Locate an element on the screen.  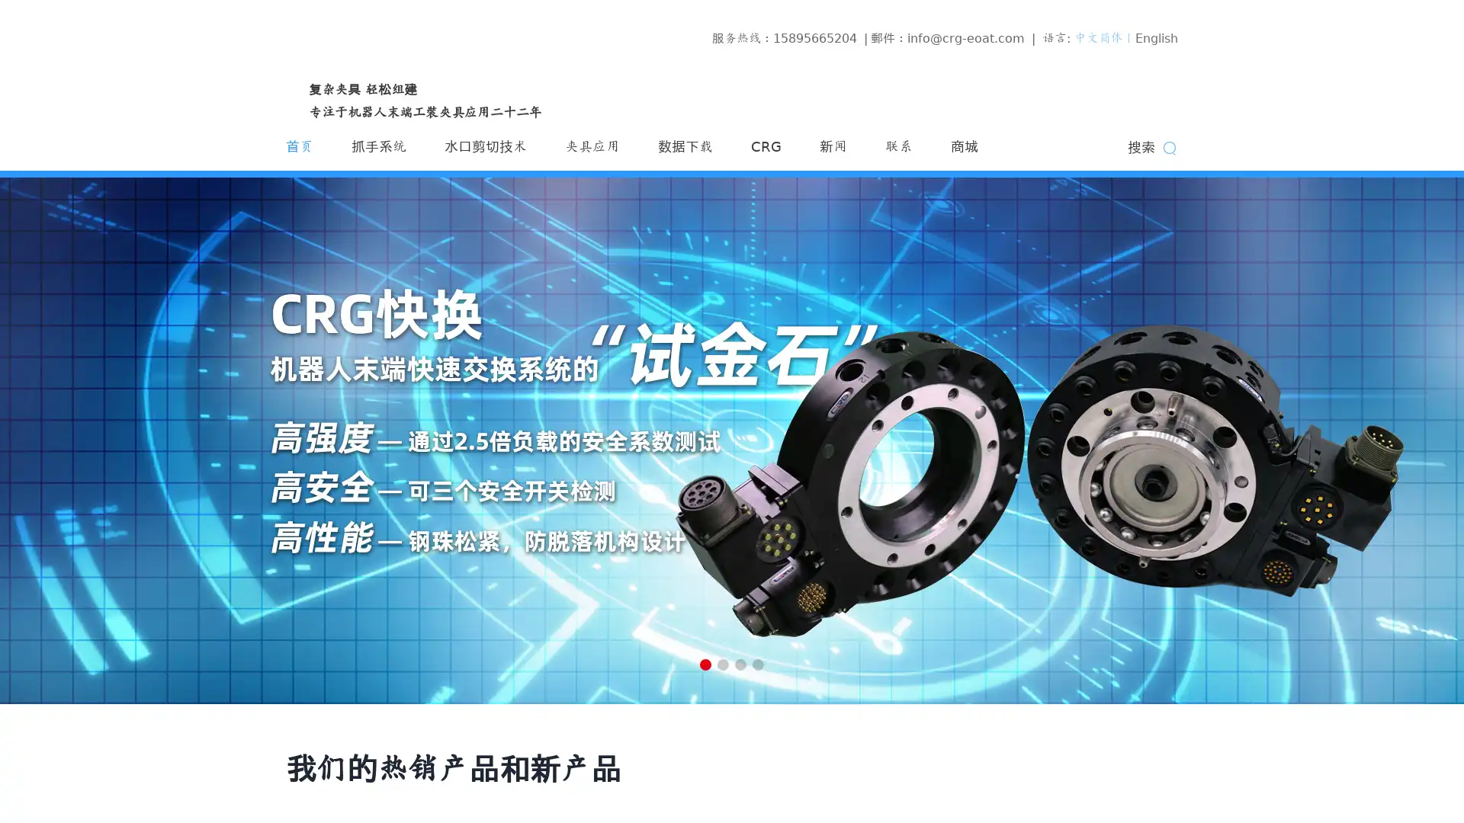
Go to slide 2 is located at coordinates (722, 664).